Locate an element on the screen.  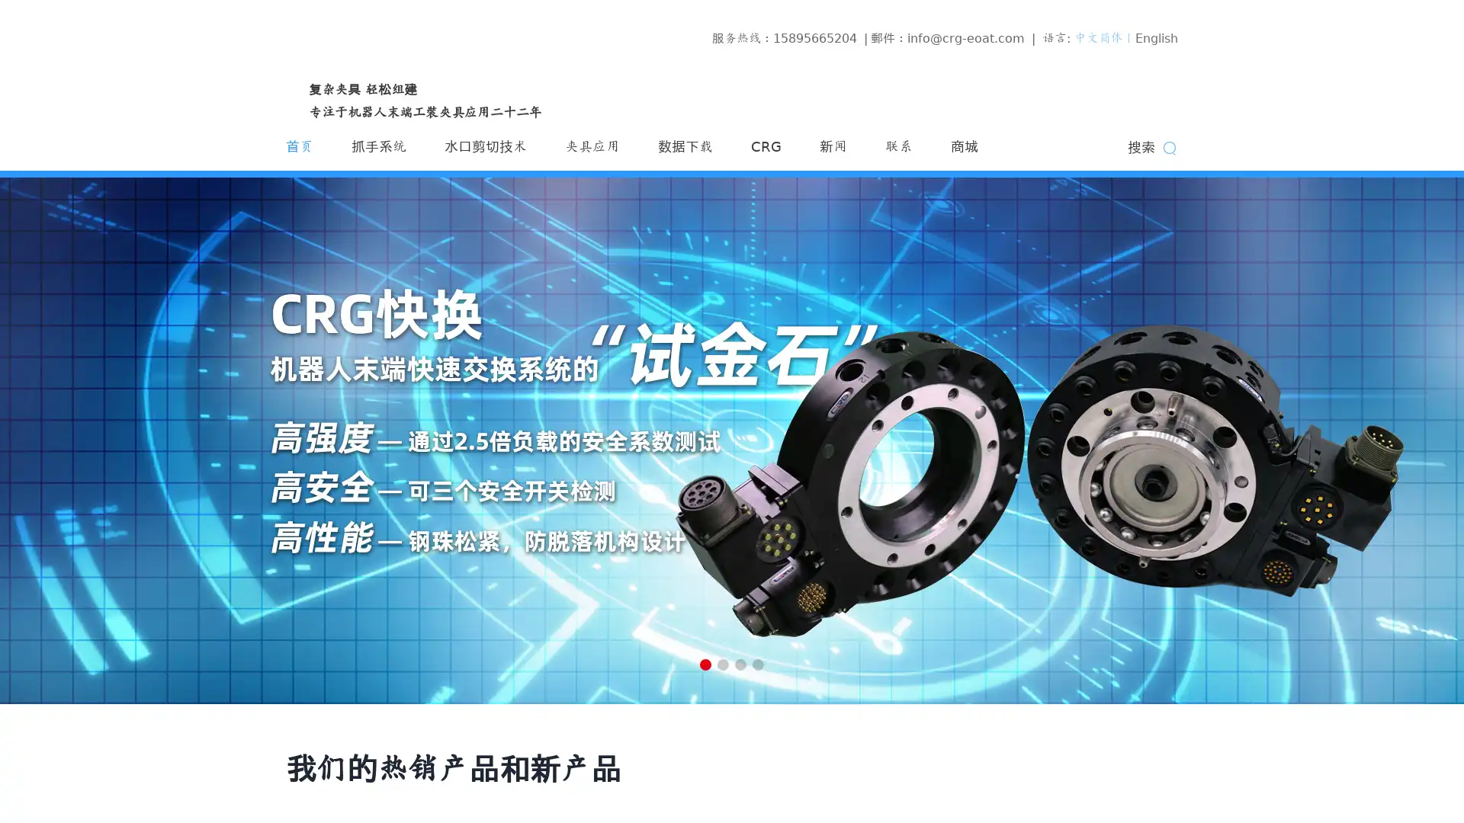
Go to slide 2 is located at coordinates (722, 664).